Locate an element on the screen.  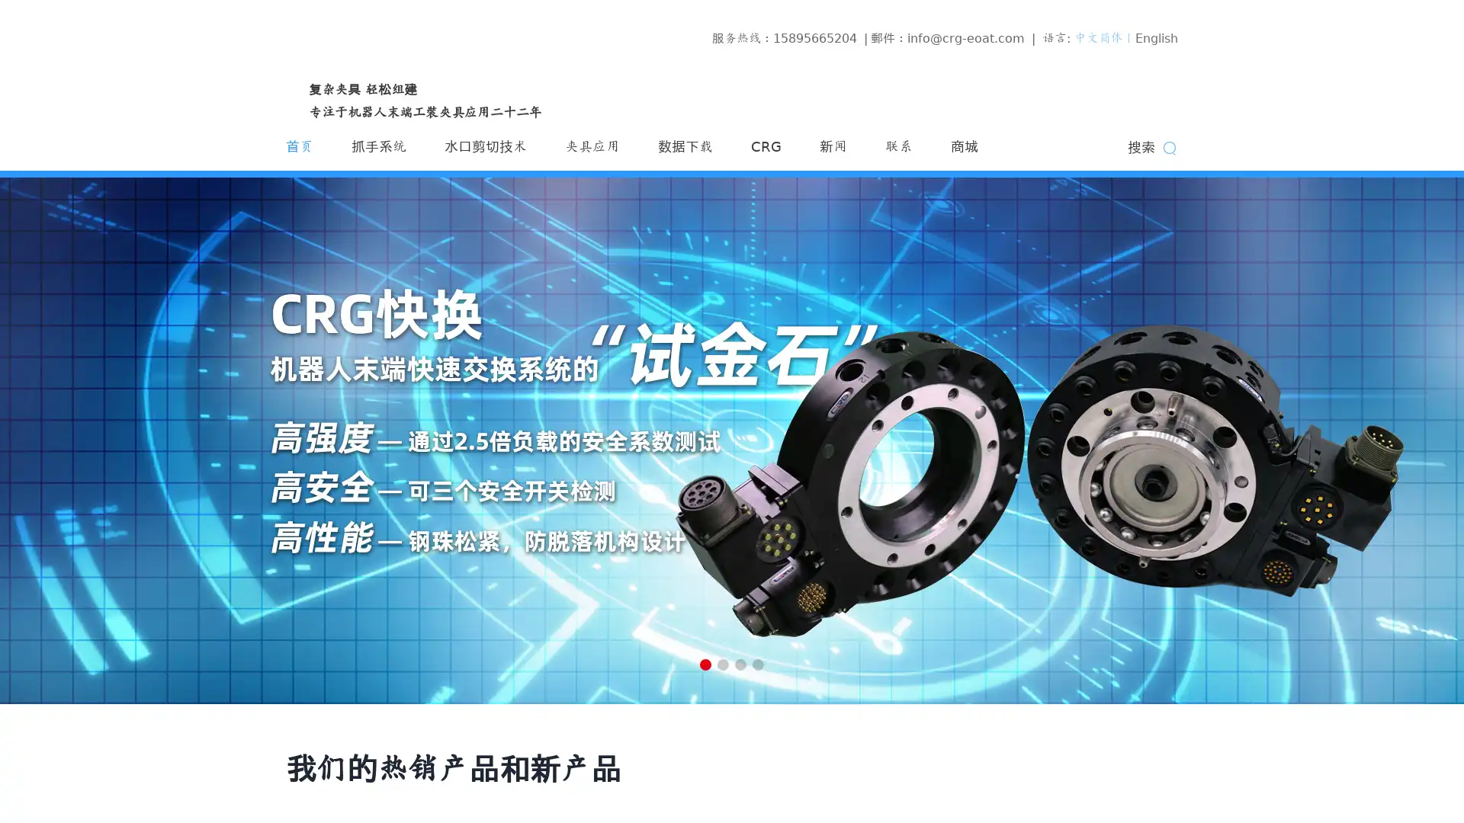
Go to slide 2 is located at coordinates (722, 664).